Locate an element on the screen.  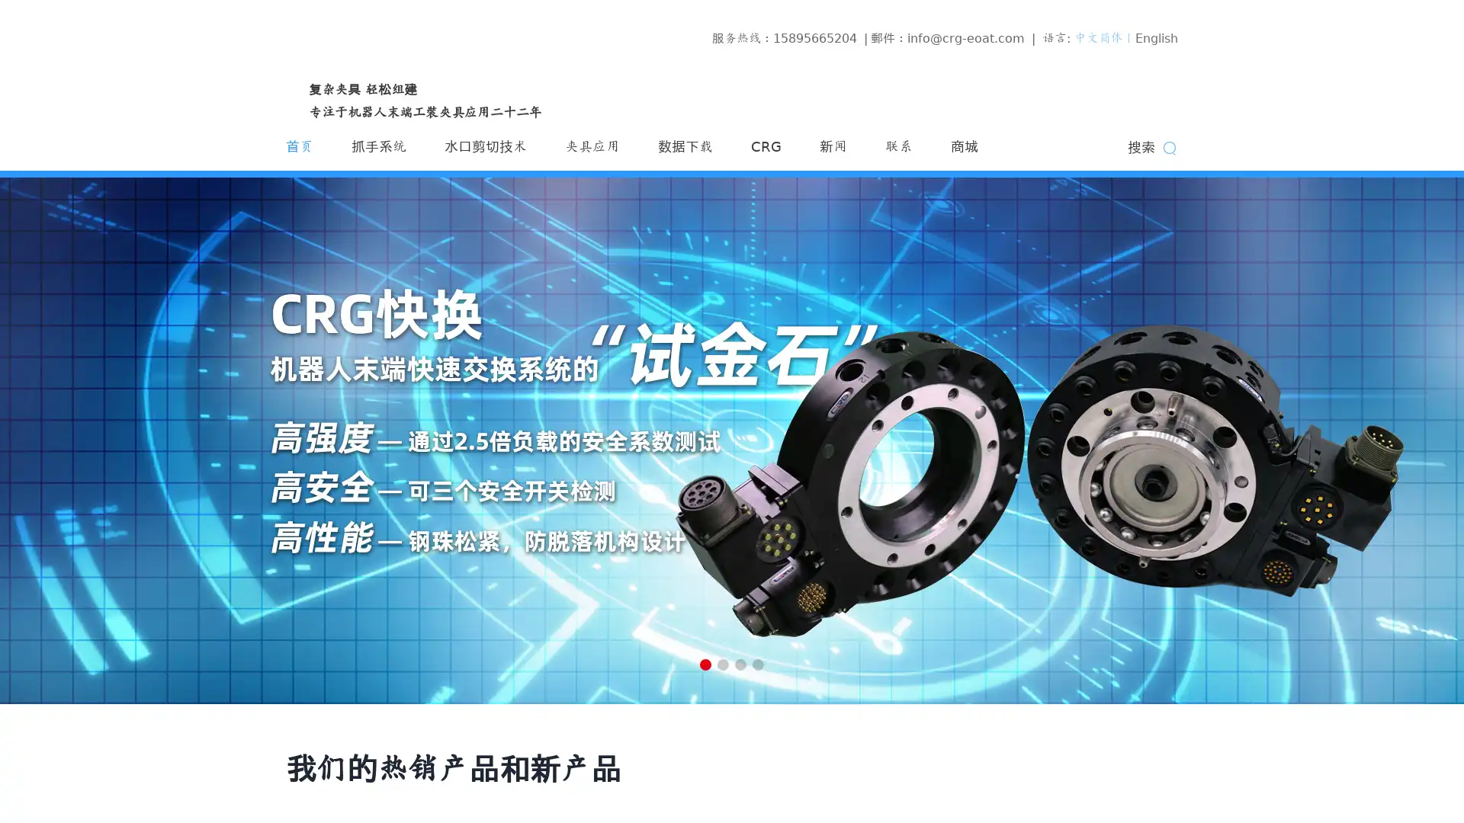
Go to slide 2 is located at coordinates (722, 664).